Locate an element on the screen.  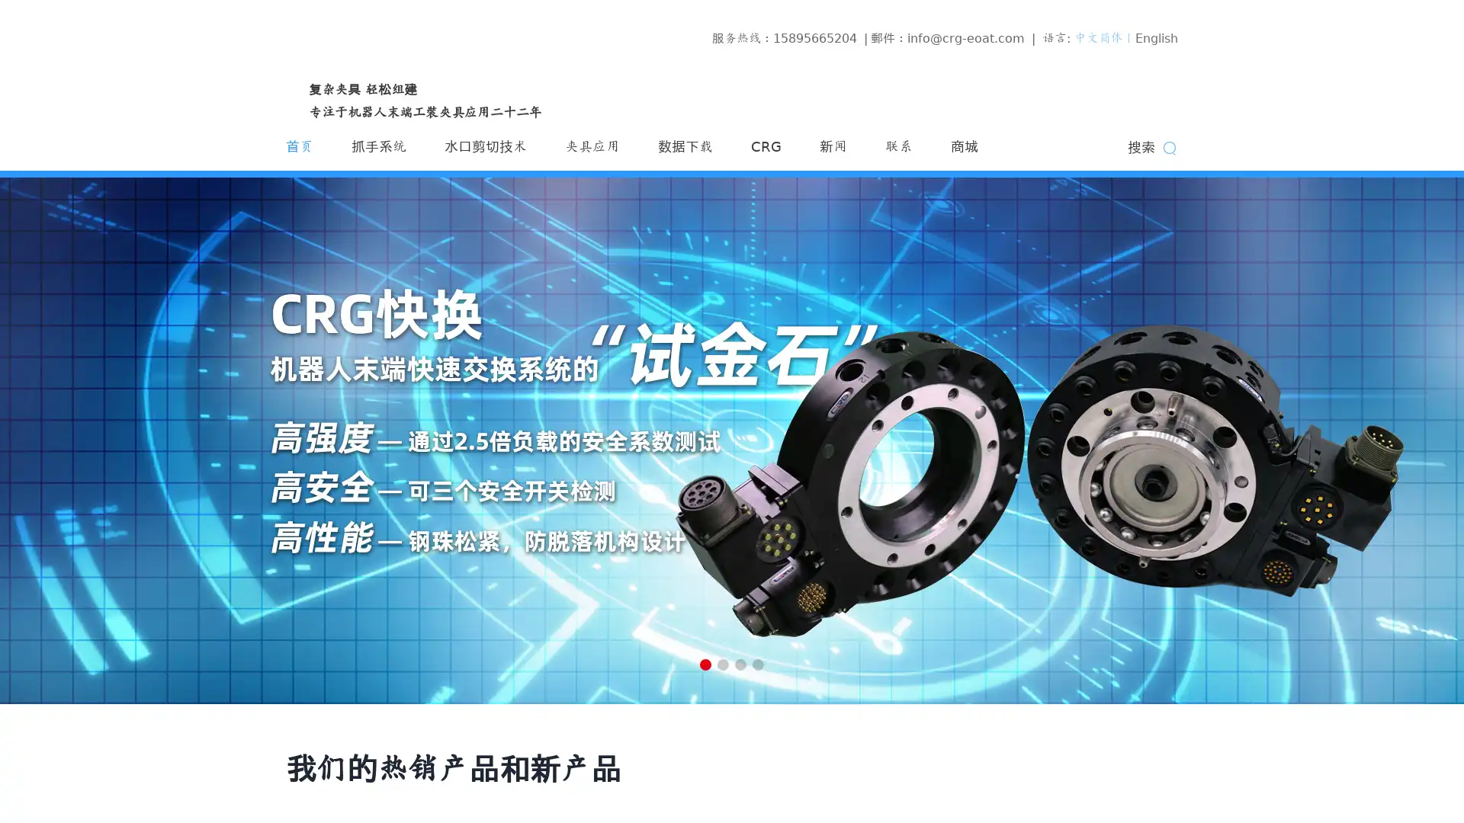
Go to slide 2 is located at coordinates (722, 664).